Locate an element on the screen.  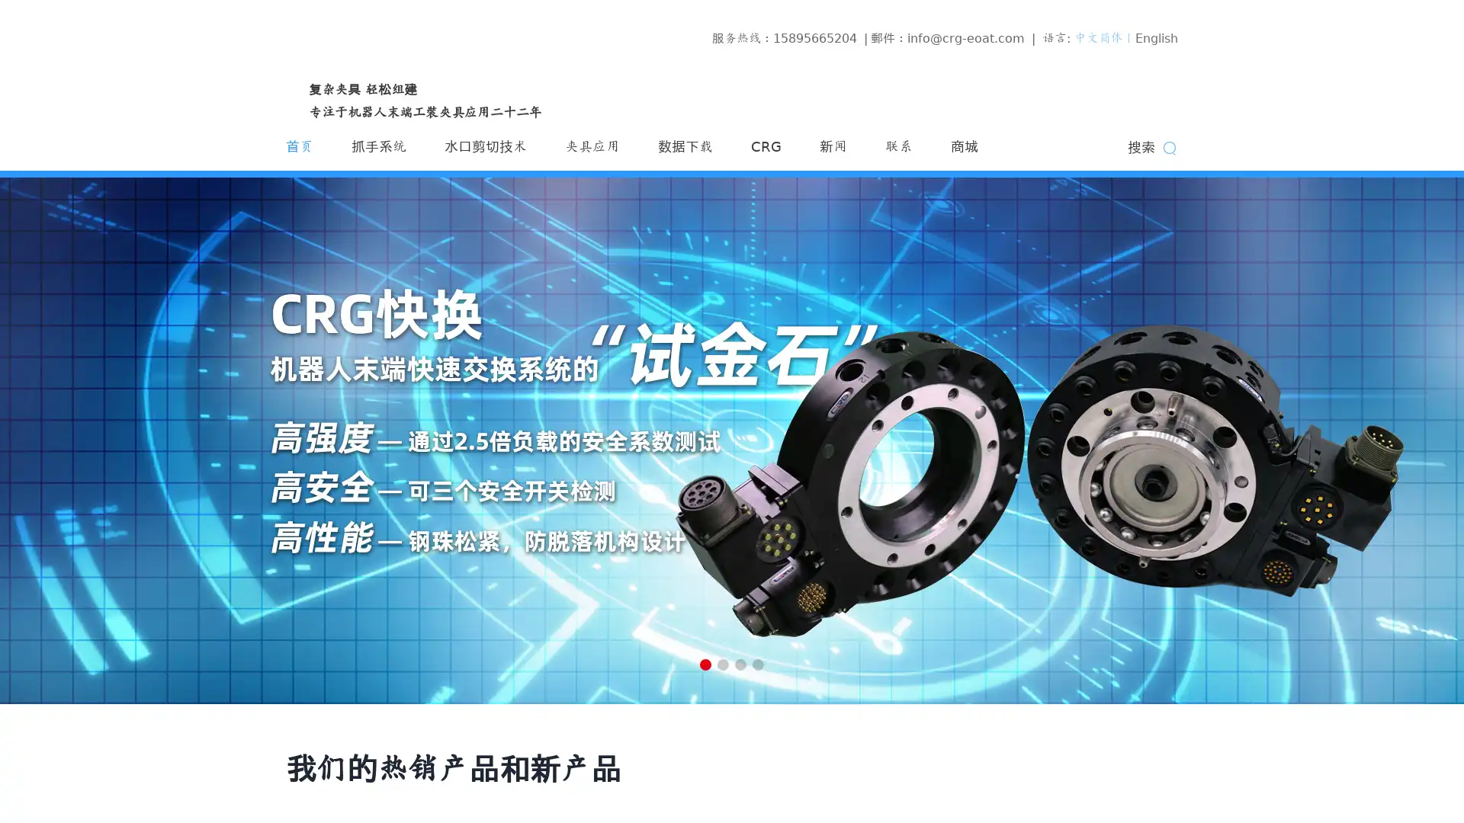
Go to slide 2 is located at coordinates (722, 664).